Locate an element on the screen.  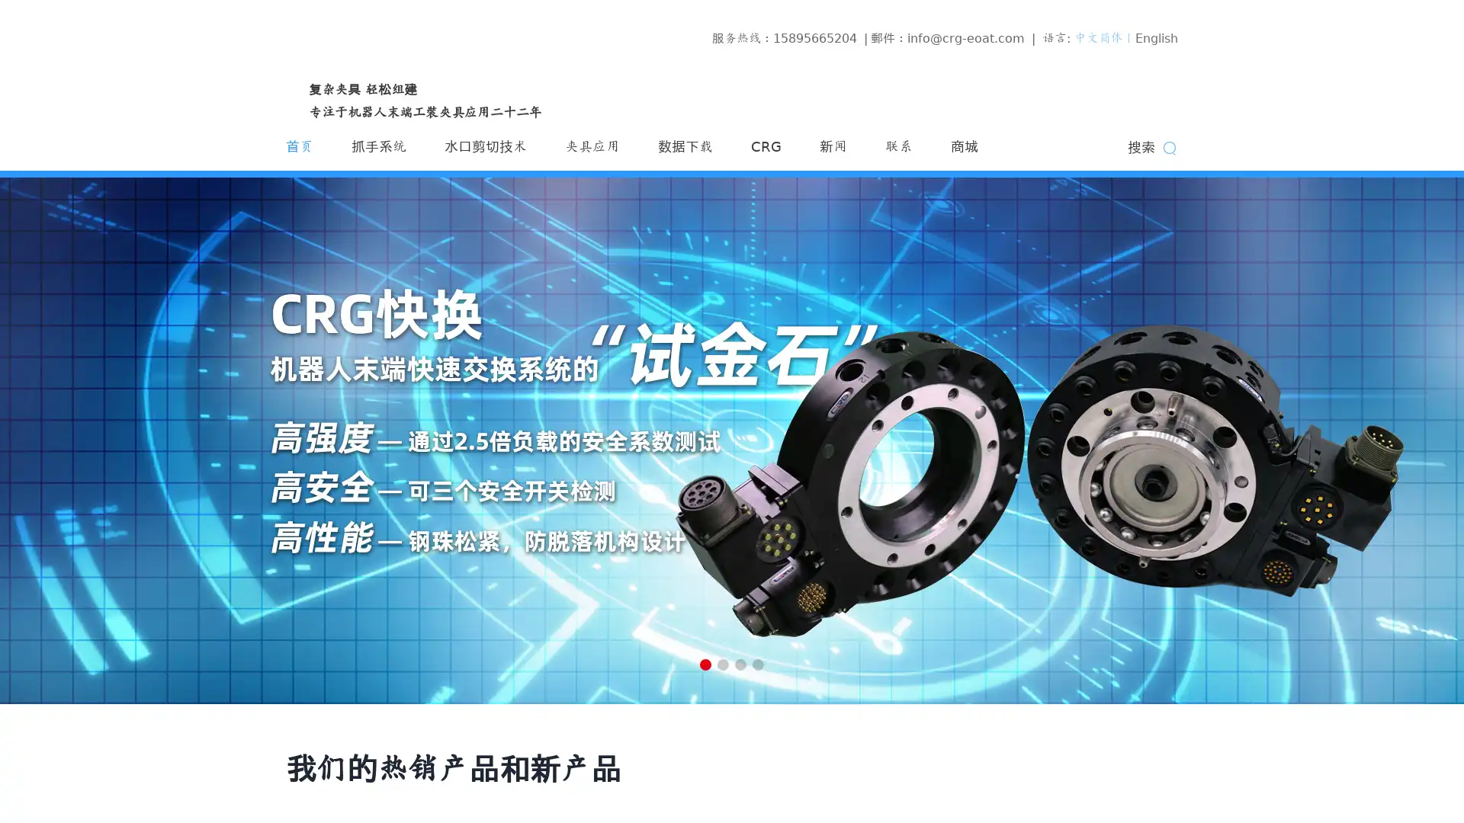
Go to slide 2 is located at coordinates (722, 664).